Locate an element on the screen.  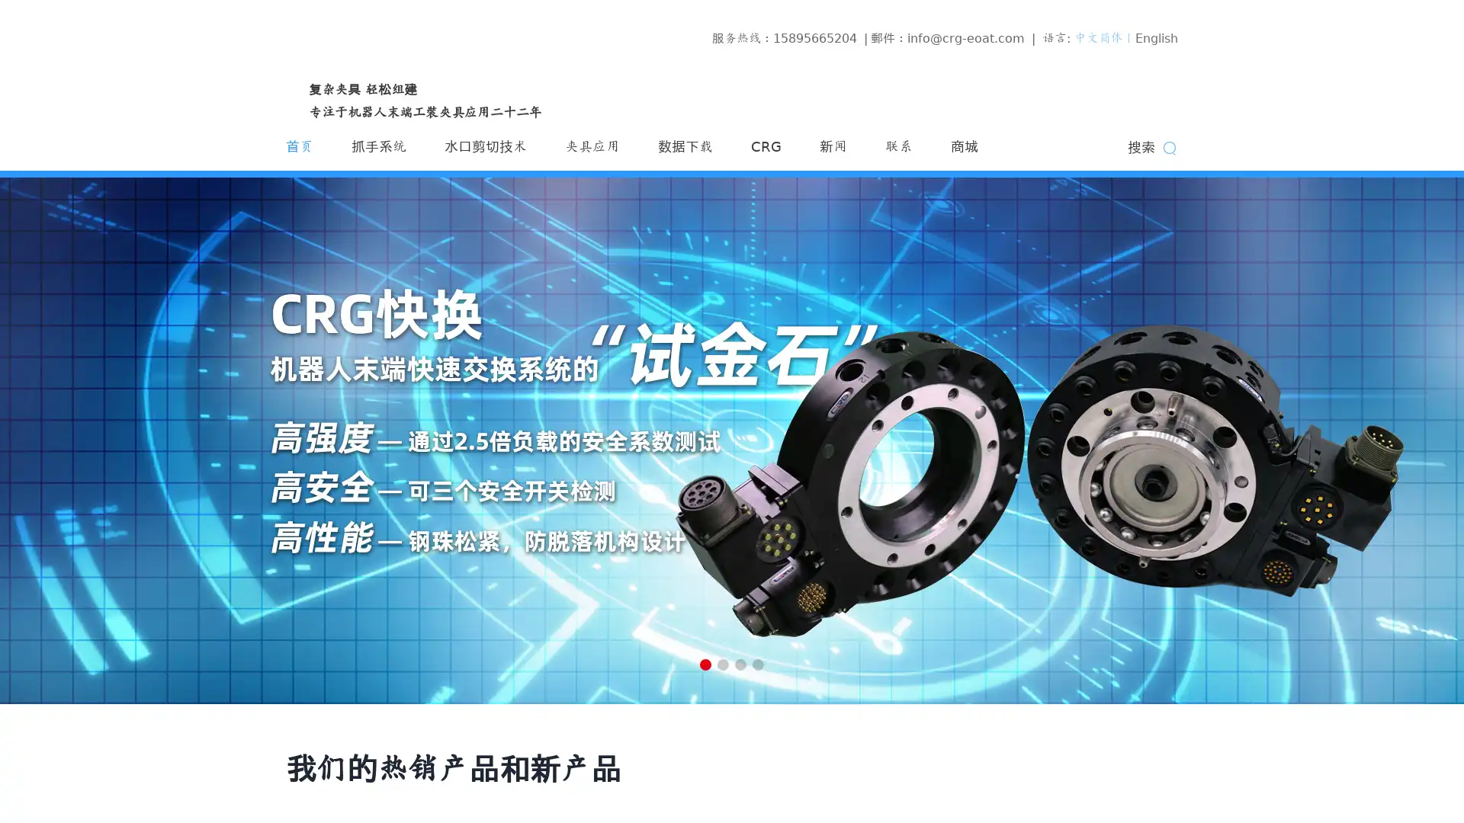
Go to slide 2 is located at coordinates (722, 664).